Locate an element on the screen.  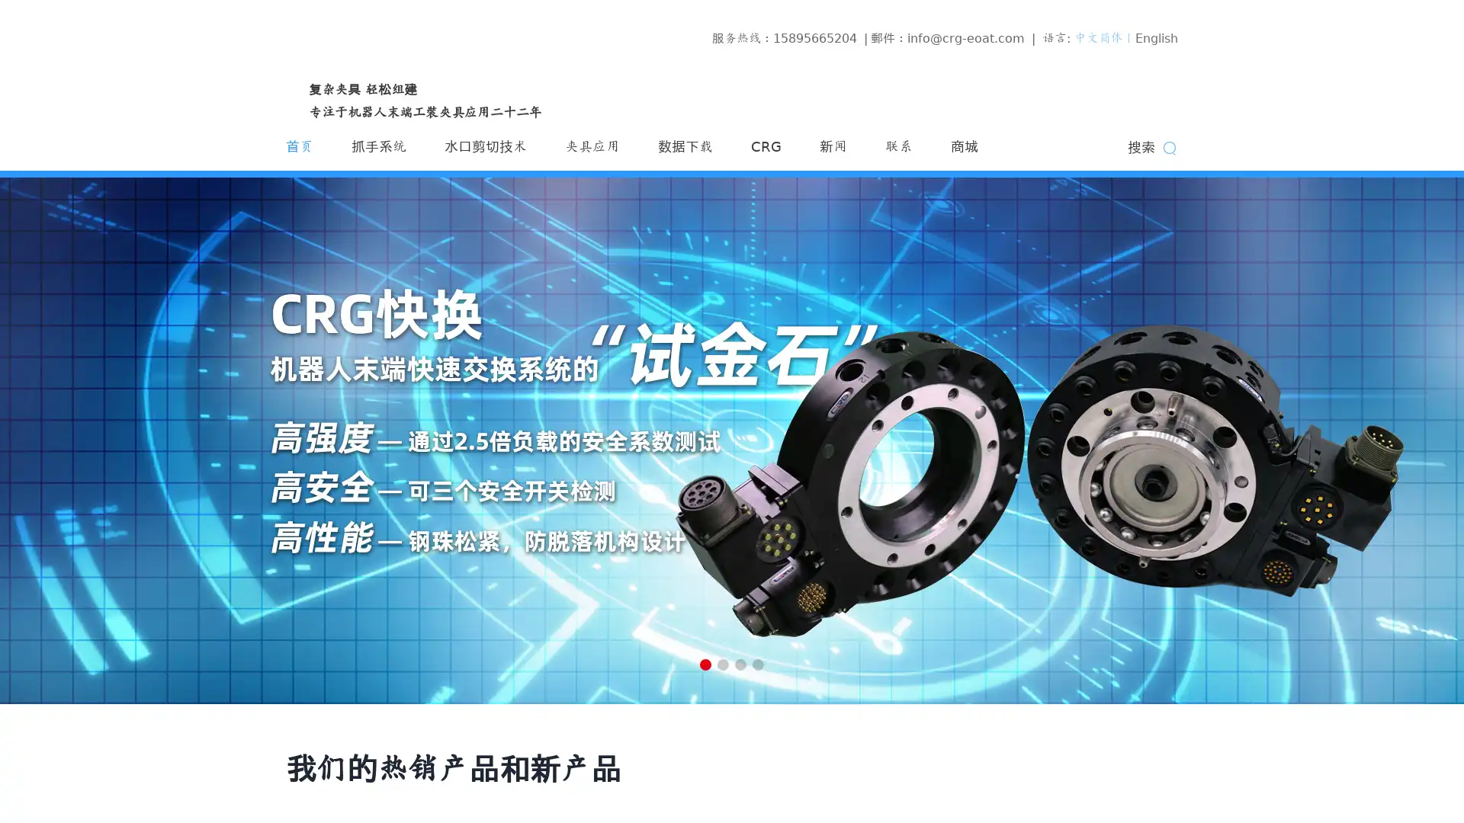
Go to slide 2 is located at coordinates (722, 664).